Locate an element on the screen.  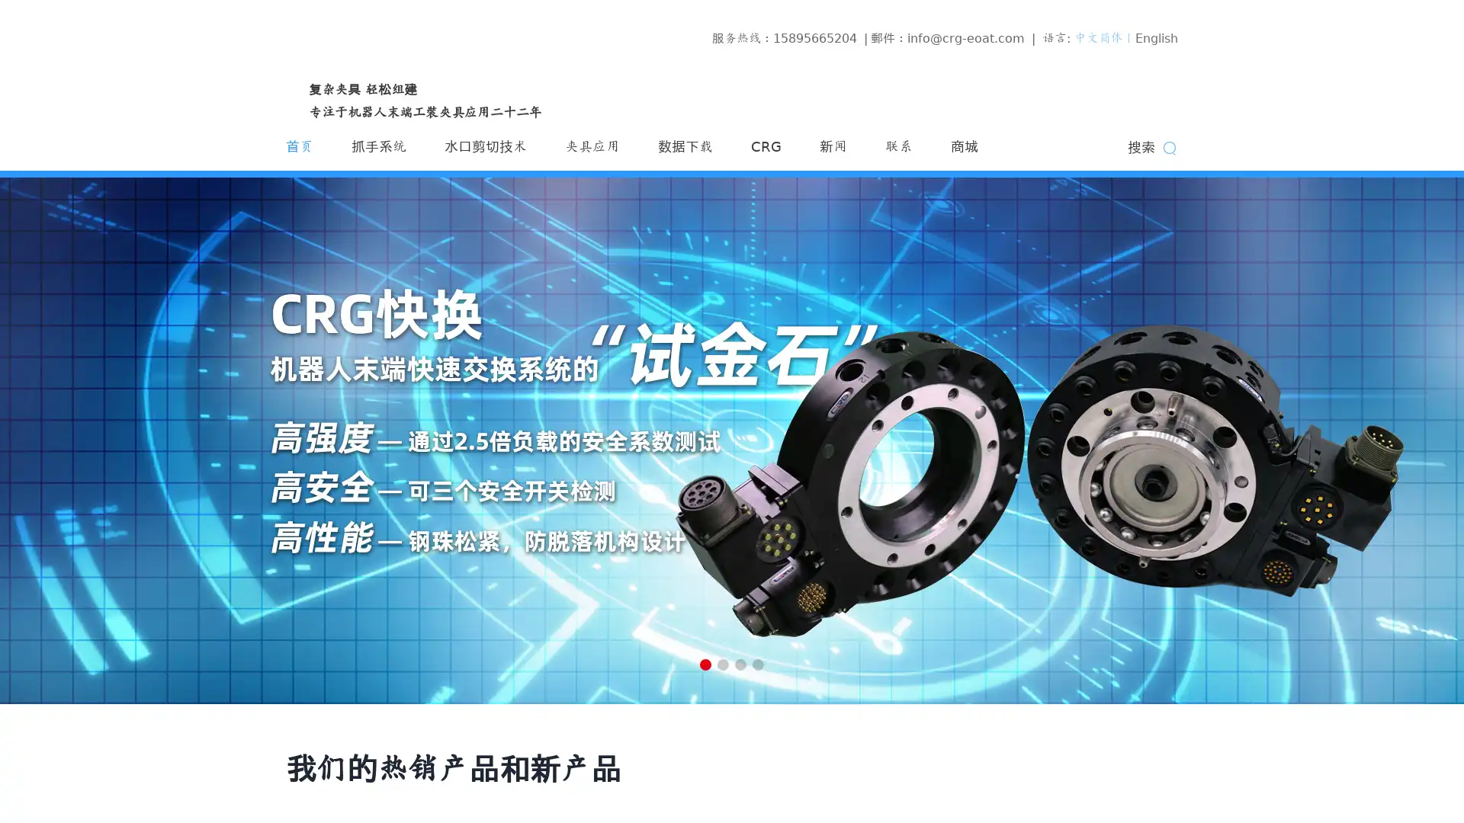
Go to slide 2 is located at coordinates (722, 664).